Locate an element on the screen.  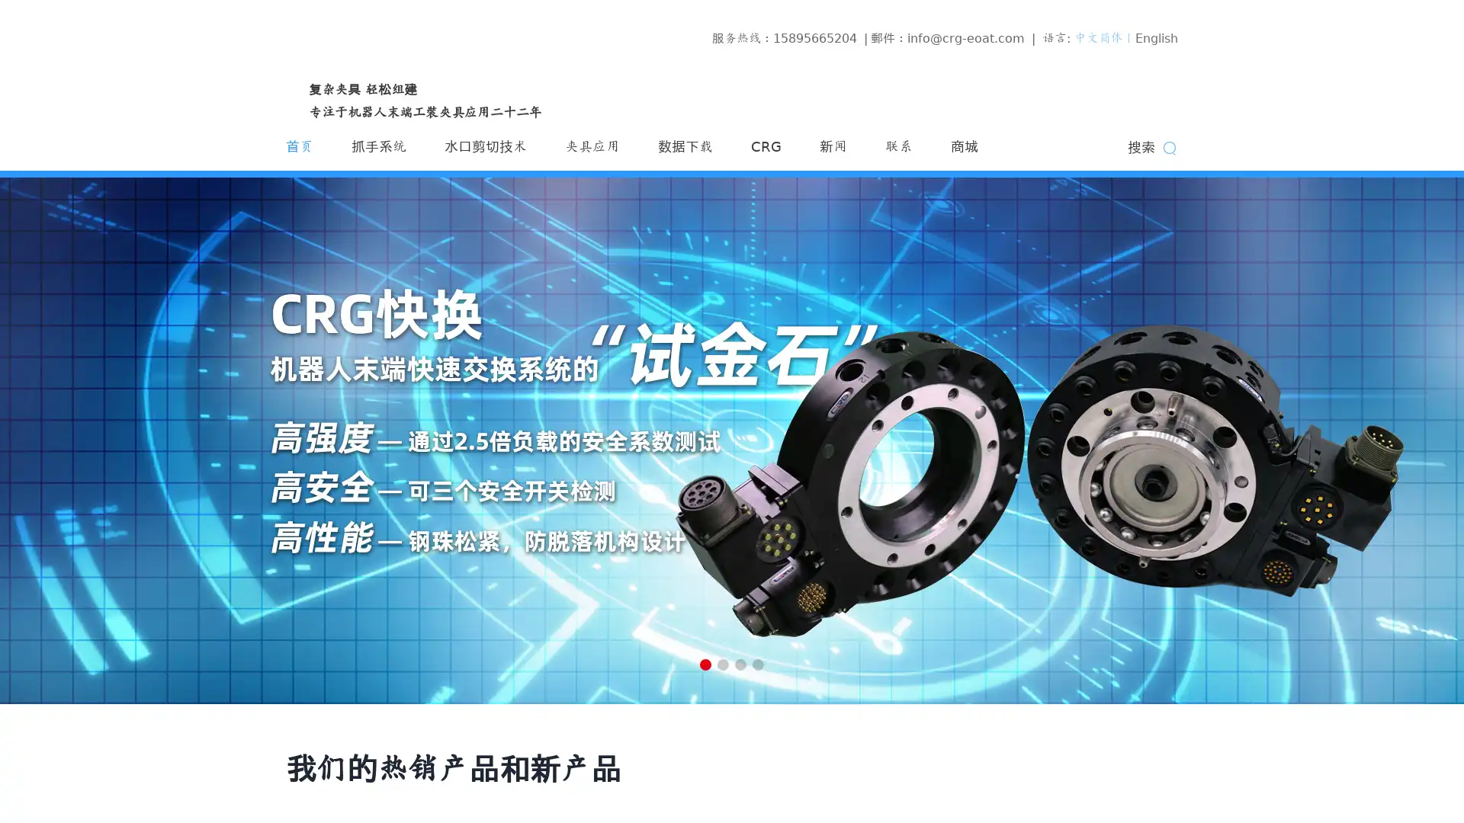
Go to slide 2 is located at coordinates (722, 664).